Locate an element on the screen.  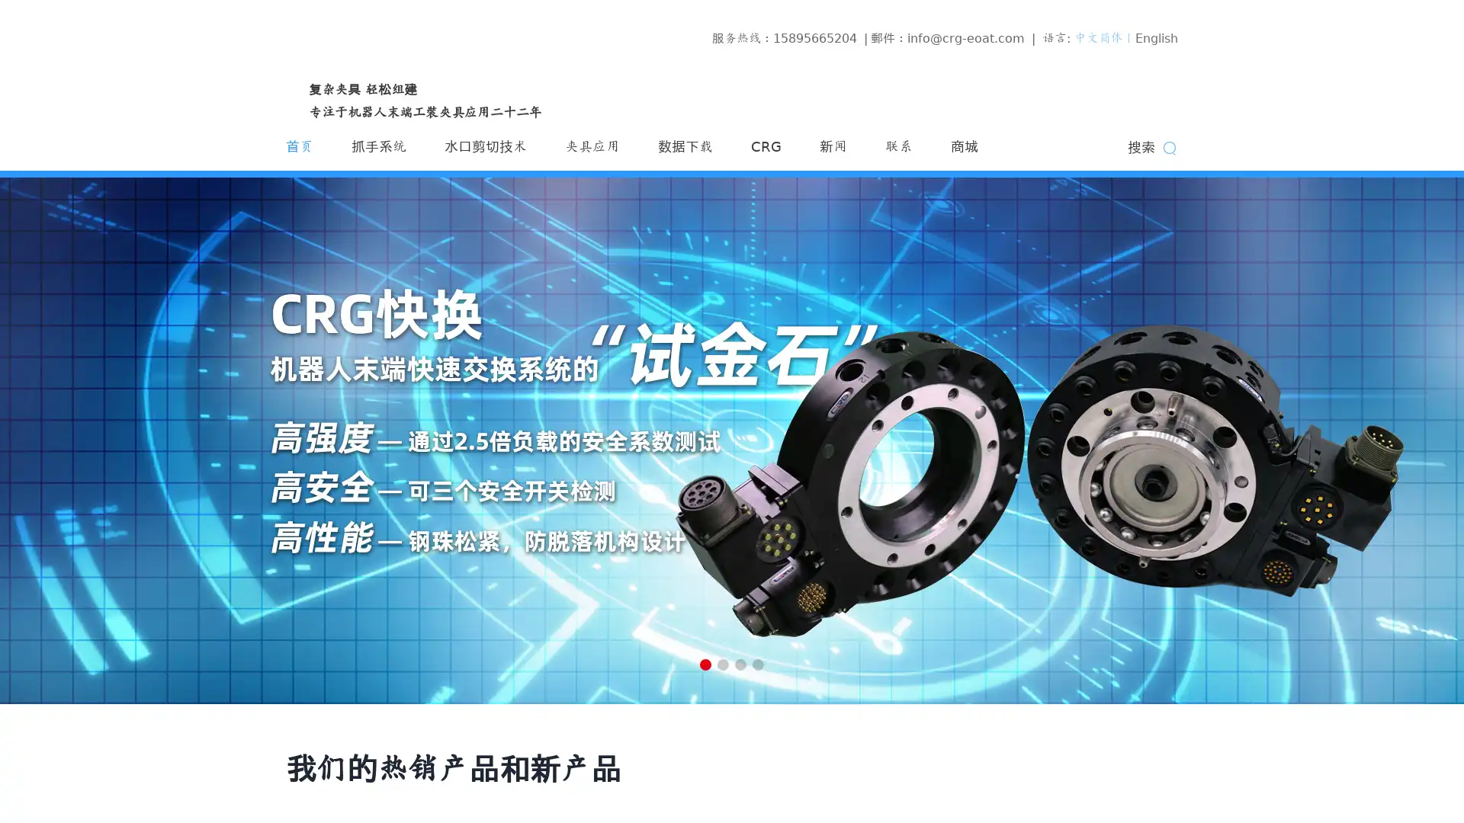
Go to slide 2 is located at coordinates (722, 664).